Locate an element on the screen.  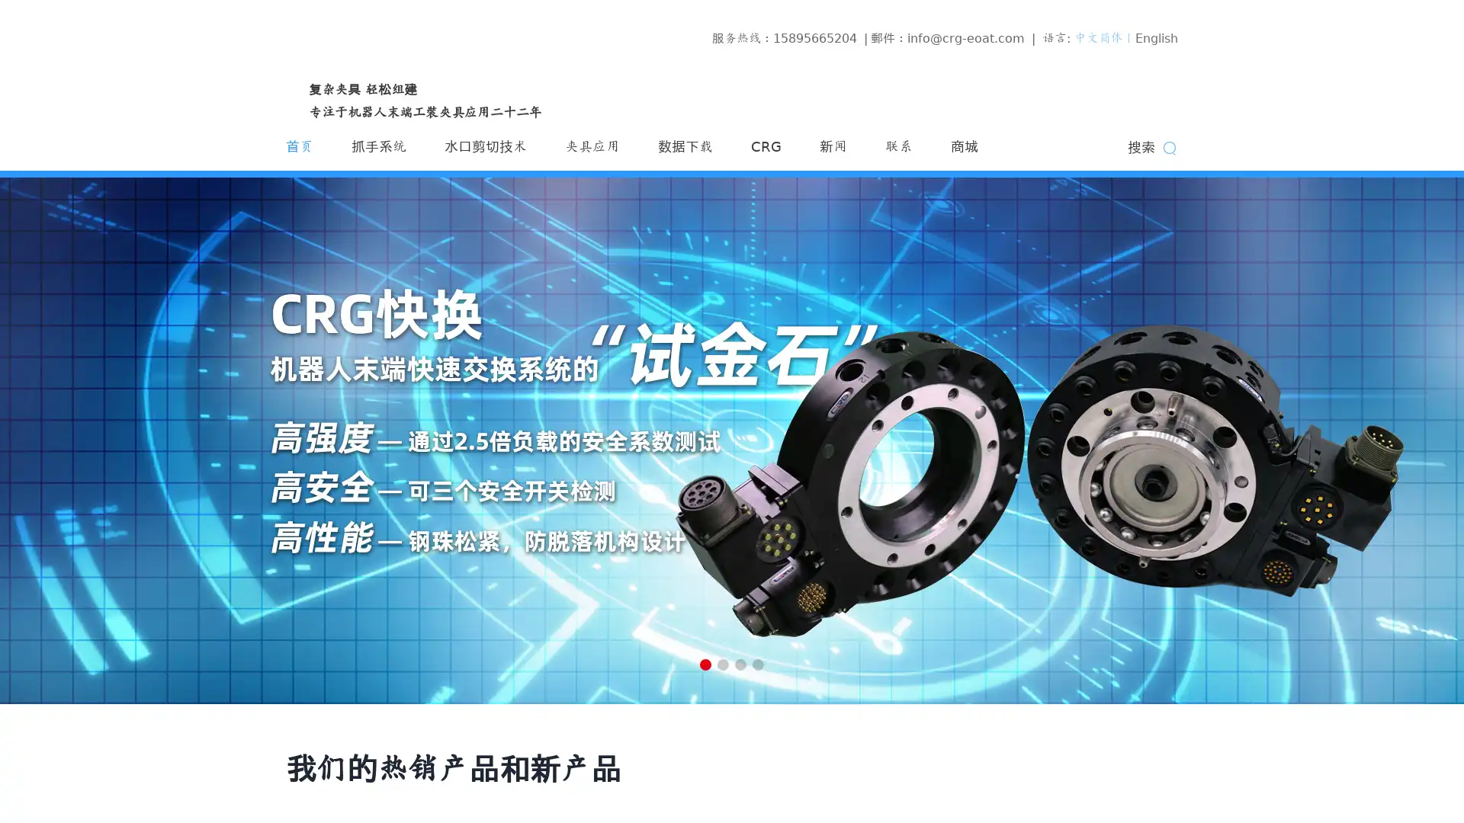
Go to slide 2 is located at coordinates (722, 664).